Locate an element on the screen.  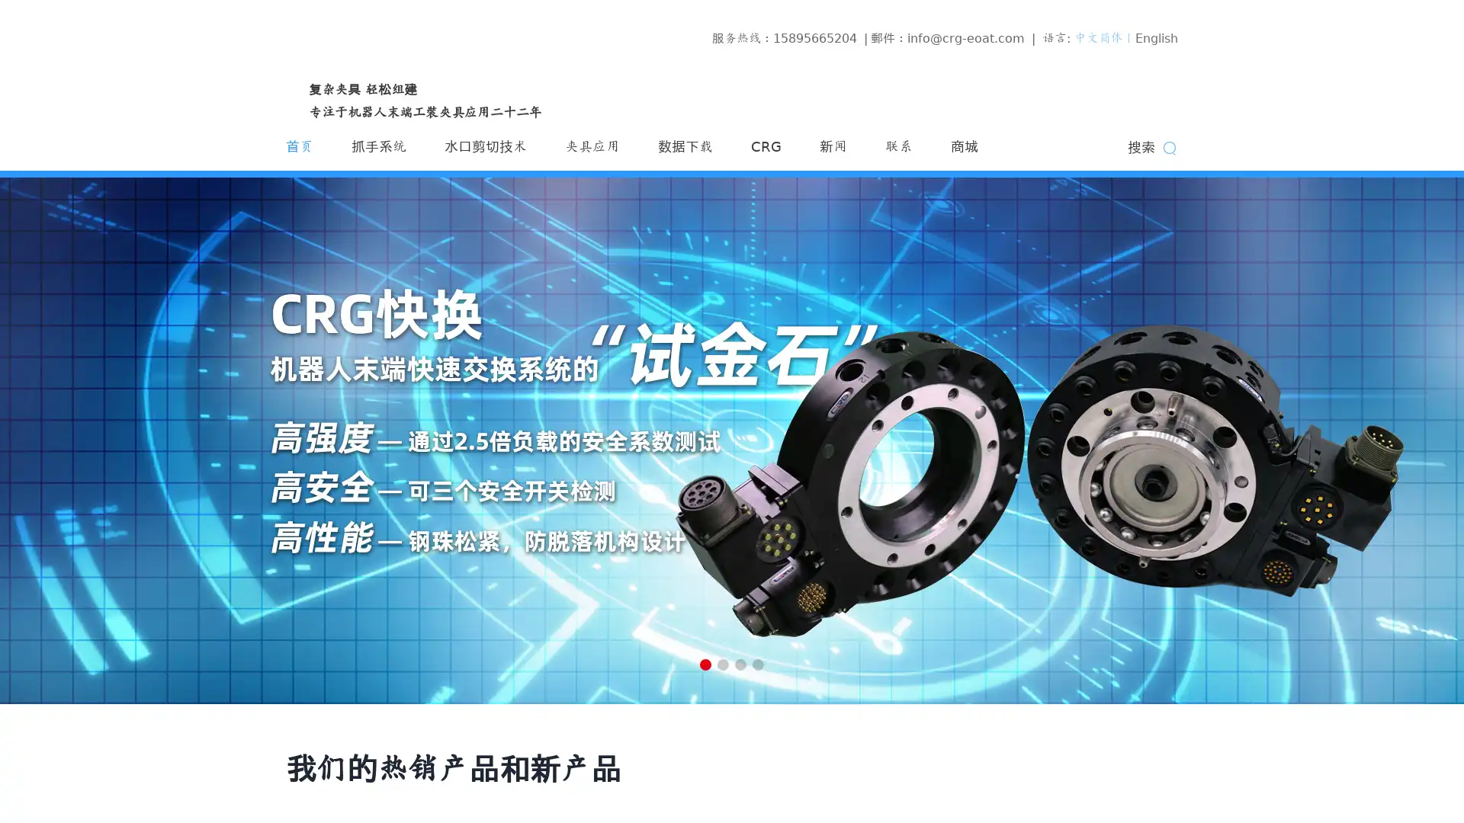
Go to slide 2 is located at coordinates (722, 664).